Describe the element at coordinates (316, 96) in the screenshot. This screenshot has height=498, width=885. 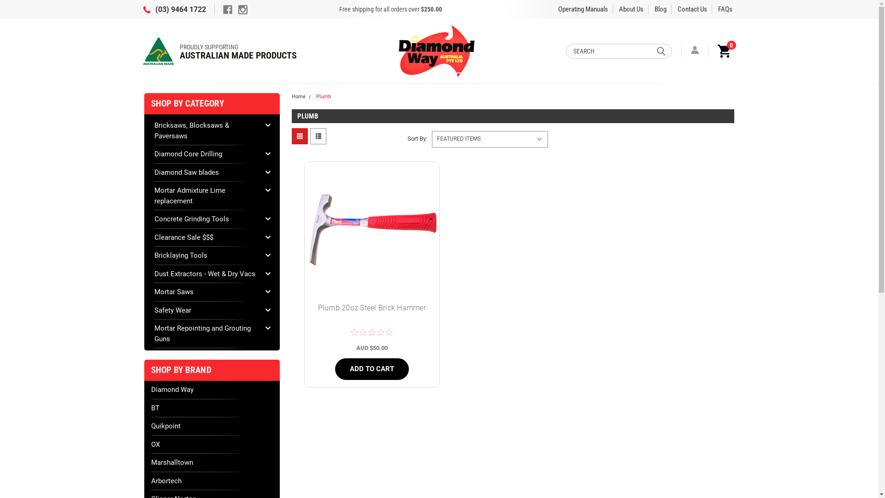
I see `'Plumb'` at that location.